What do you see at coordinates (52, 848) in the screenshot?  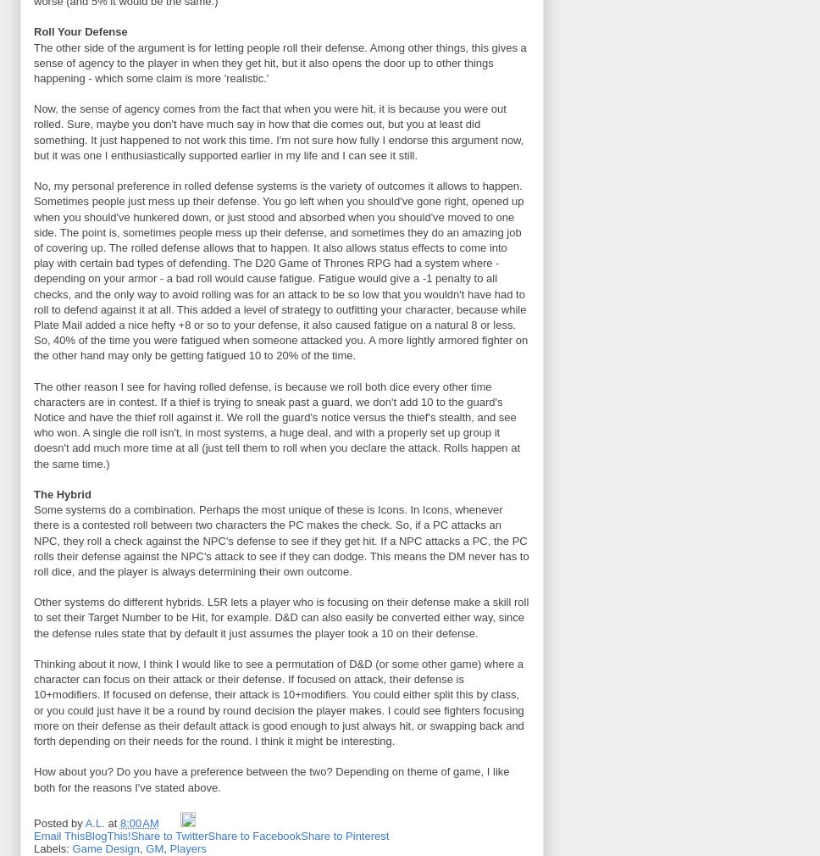 I see `'Labels:'` at bounding box center [52, 848].